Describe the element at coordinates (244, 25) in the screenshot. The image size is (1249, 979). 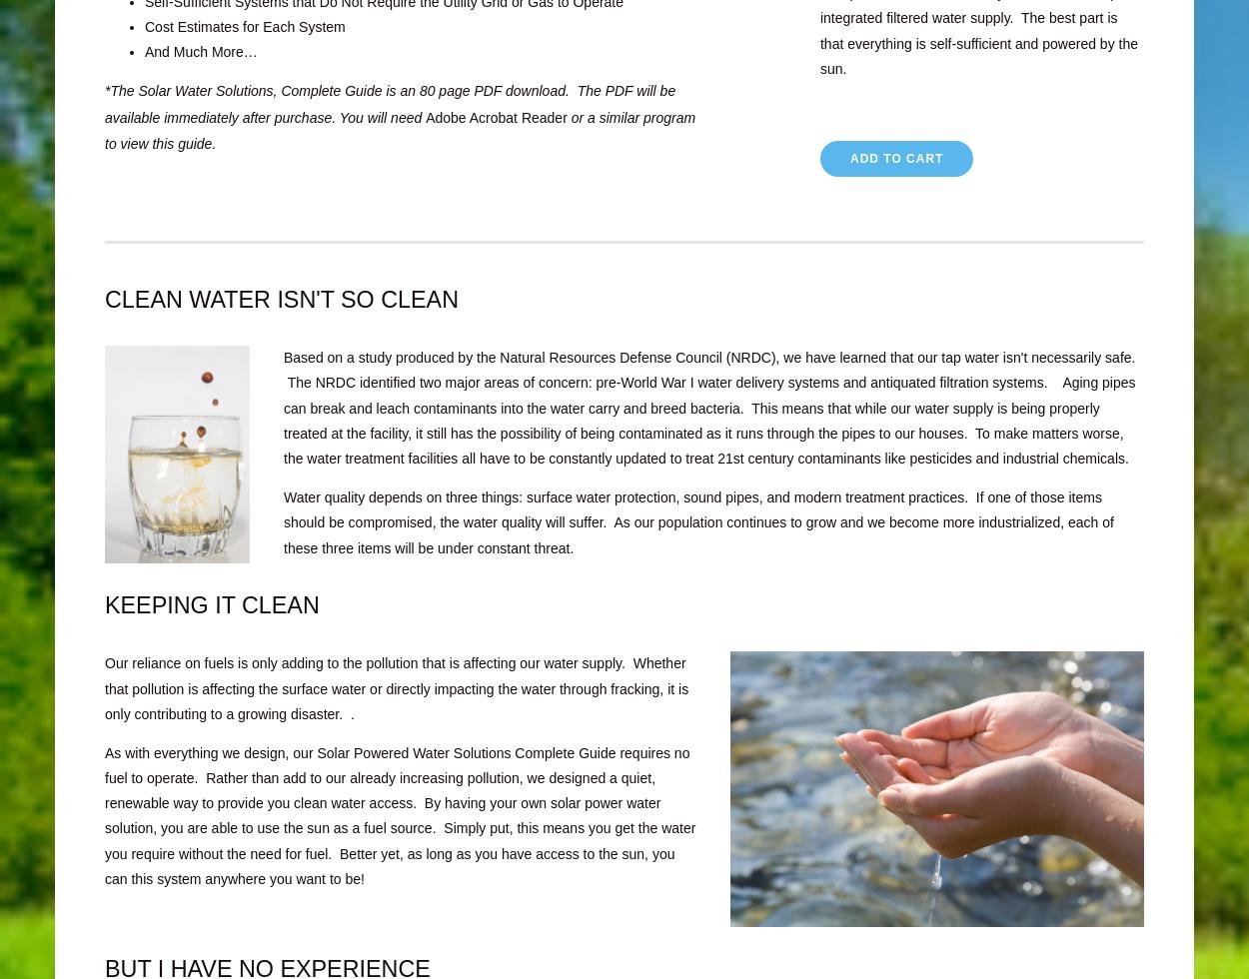
I see `'Cost Estimates for Each System'` at that location.